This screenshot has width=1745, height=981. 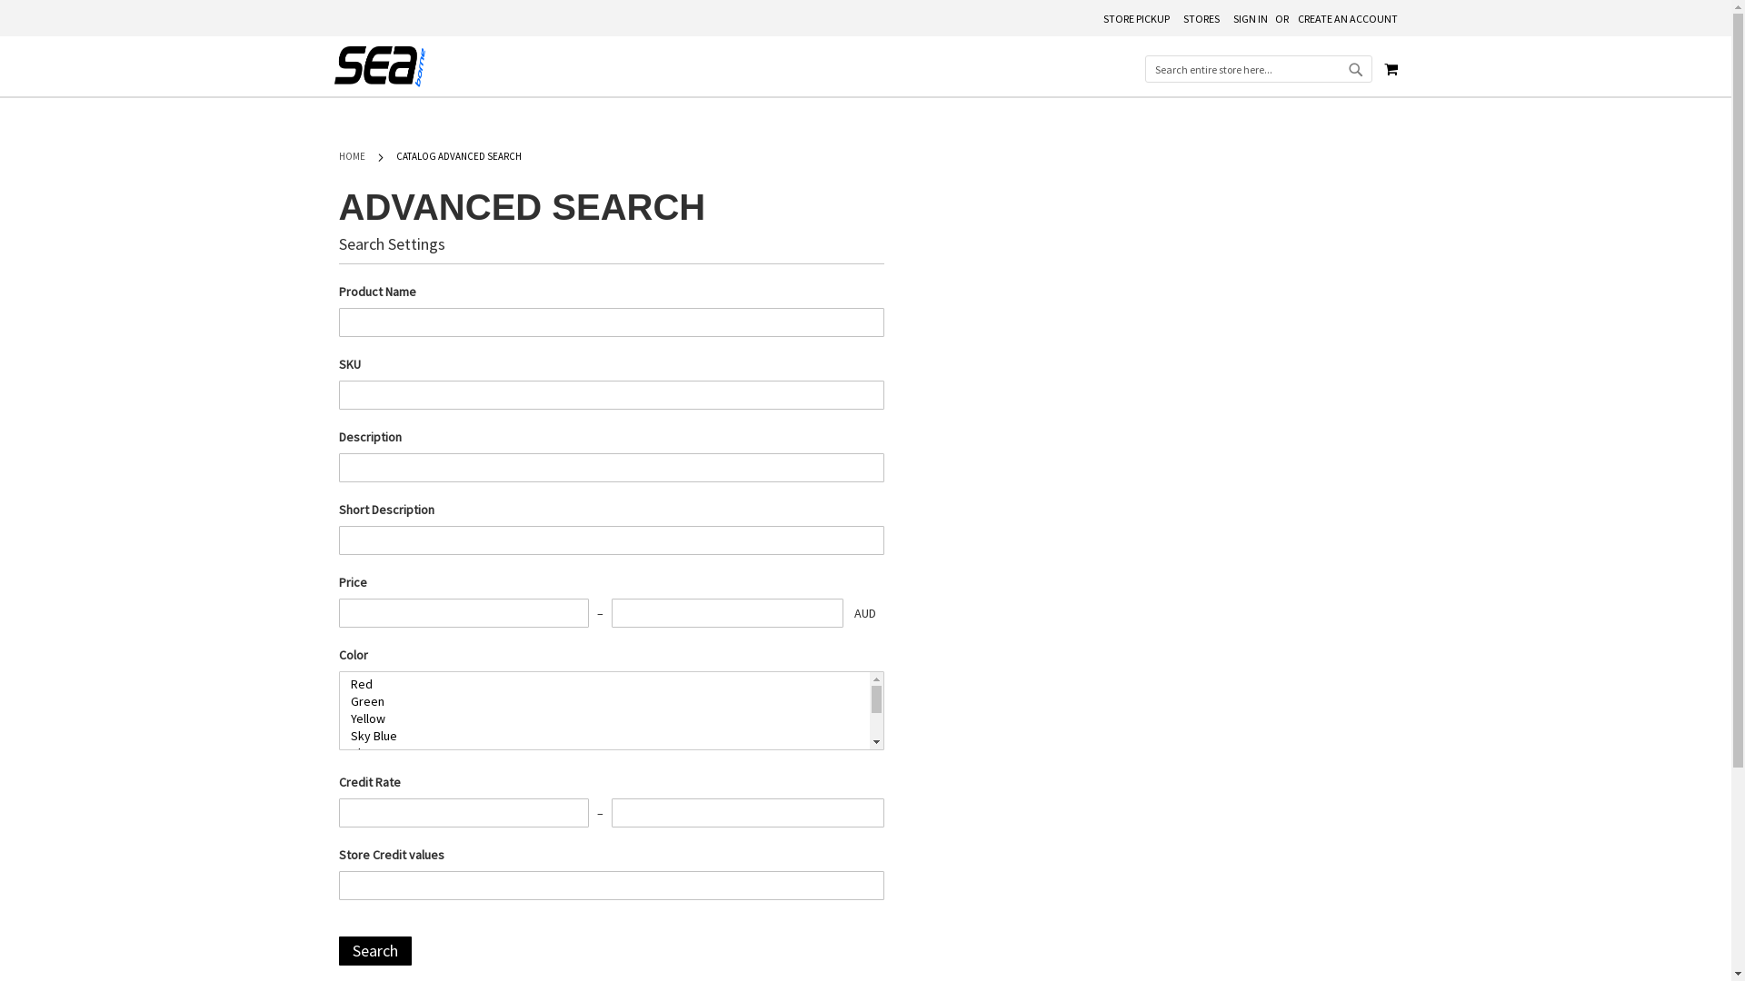 What do you see at coordinates (1248, 19) in the screenshot?
I see `'SIGN IN'` at bounding box center [1248, 19].